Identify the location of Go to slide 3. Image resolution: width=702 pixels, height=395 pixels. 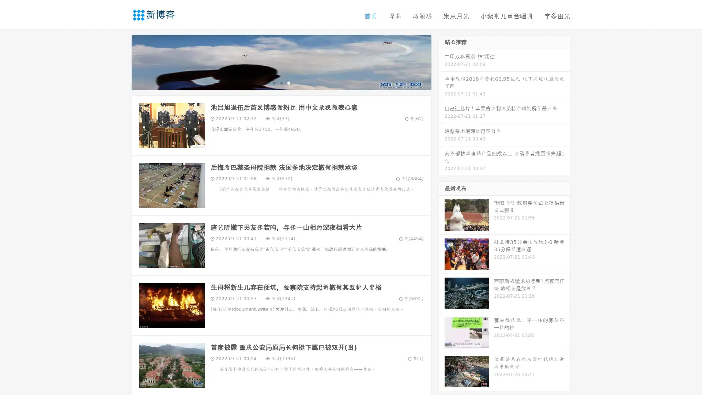
(288, 82).